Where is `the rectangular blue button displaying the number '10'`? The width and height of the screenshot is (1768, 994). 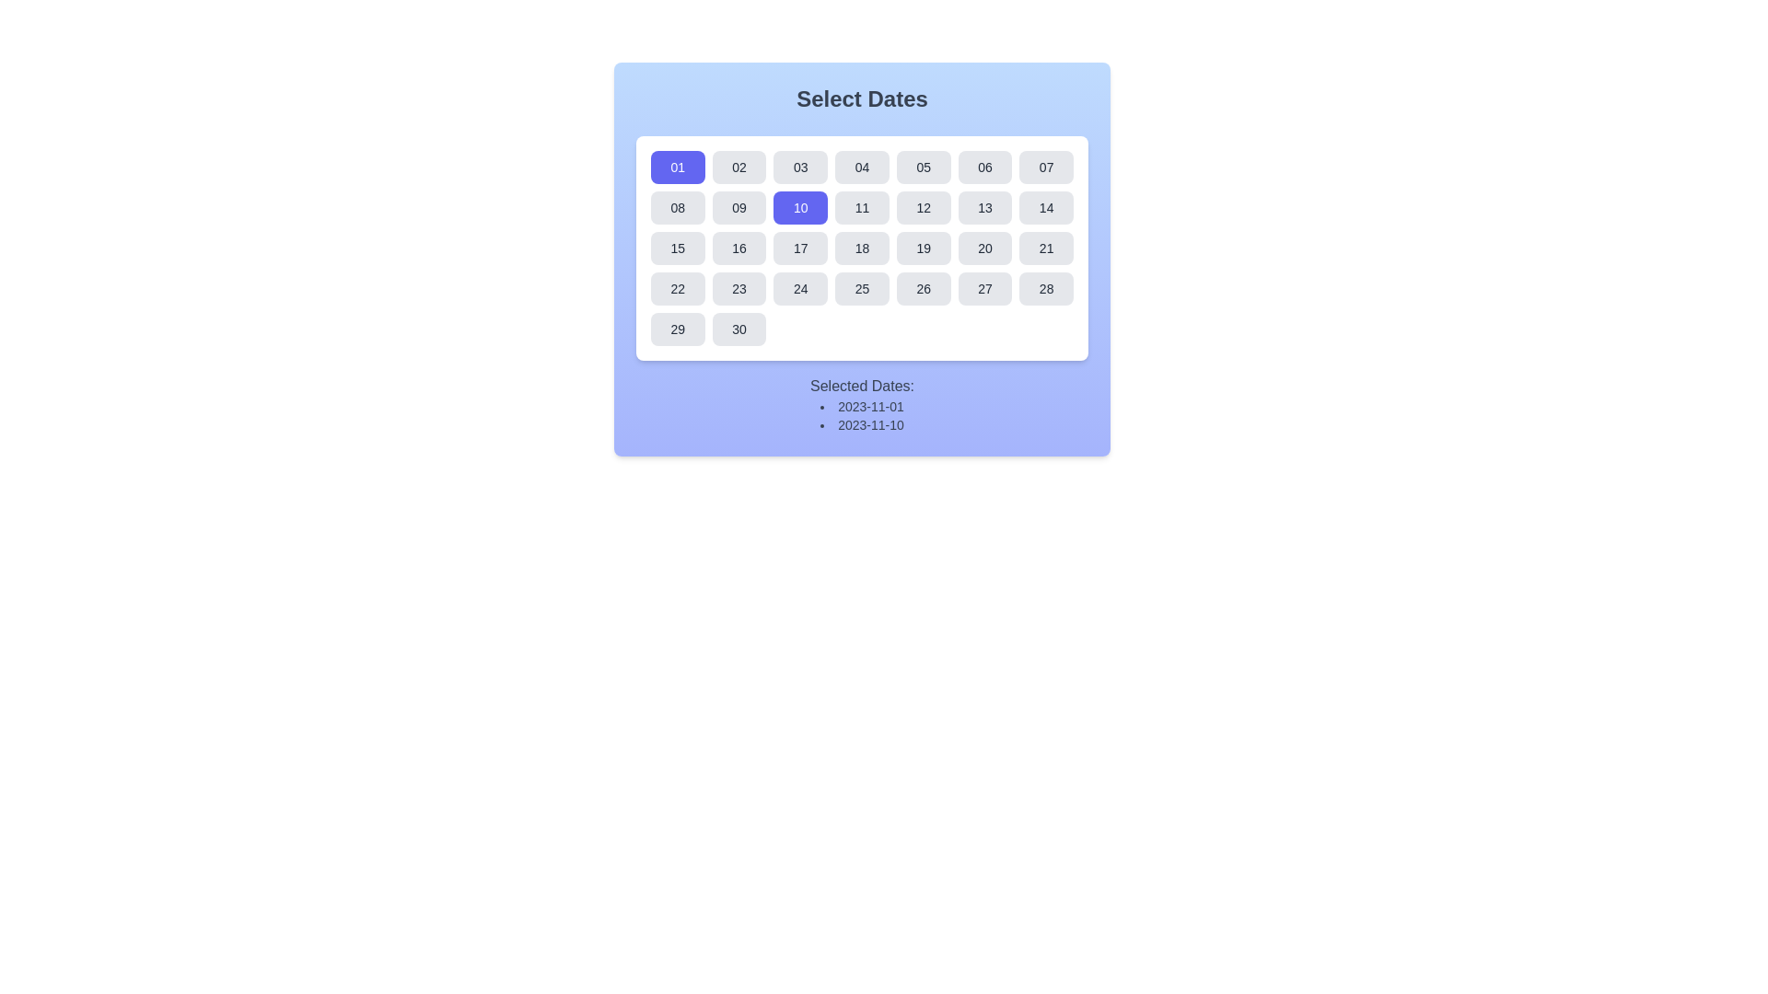
the rectangular blue button displaying the number '10' is located at coordinates (800, 207).